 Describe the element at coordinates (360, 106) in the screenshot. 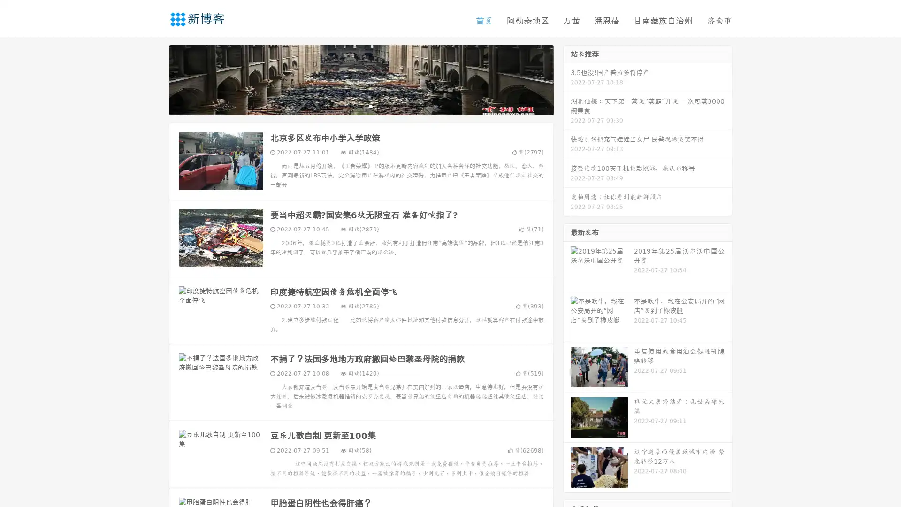

I see `Go to slide 2` at that location.